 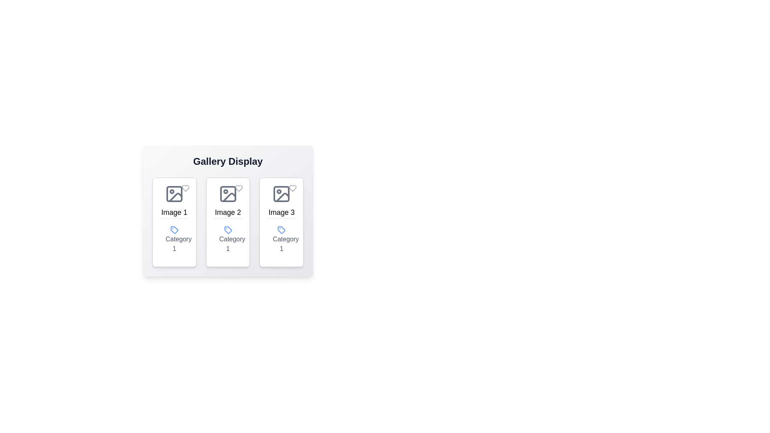 What do you see at coordinates (239, 188) in the screenshot?
I see `the favorite/like toggle icon located at the top-right corner of the card for 'Image 2'` at bounding box center [239, 188].